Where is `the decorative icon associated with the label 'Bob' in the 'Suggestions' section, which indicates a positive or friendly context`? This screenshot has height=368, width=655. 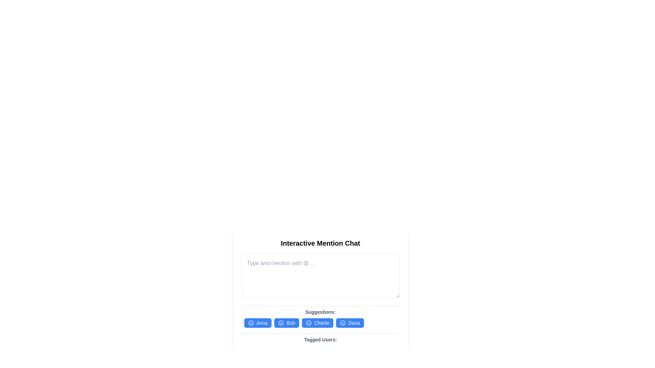
the decorative icon associated with the label 'Bob' in the 'Suggestions' section, which indicates a positive or friendly context is located at coordinates (281, 323).